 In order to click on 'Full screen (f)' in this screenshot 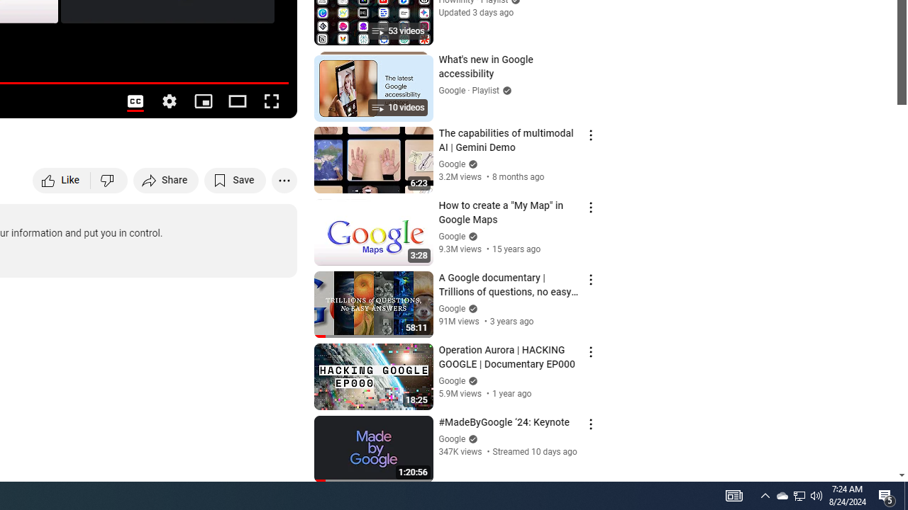, I will do `click(271, 100)`.